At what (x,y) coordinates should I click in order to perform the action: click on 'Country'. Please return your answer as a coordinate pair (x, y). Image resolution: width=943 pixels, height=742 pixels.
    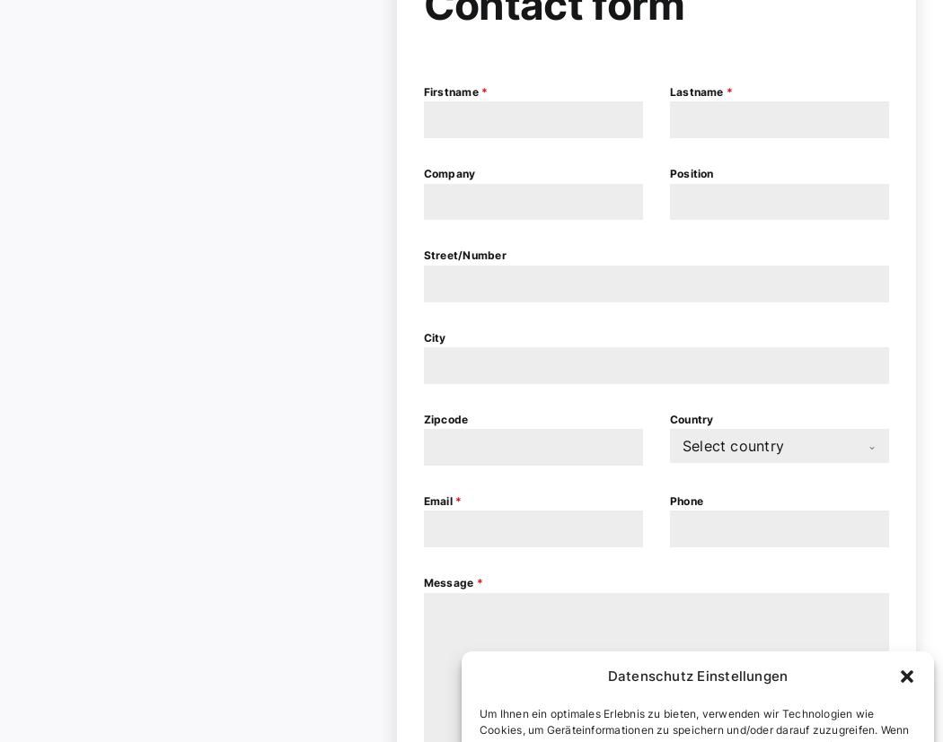
    Looking at the image, I should click on (667, 418).